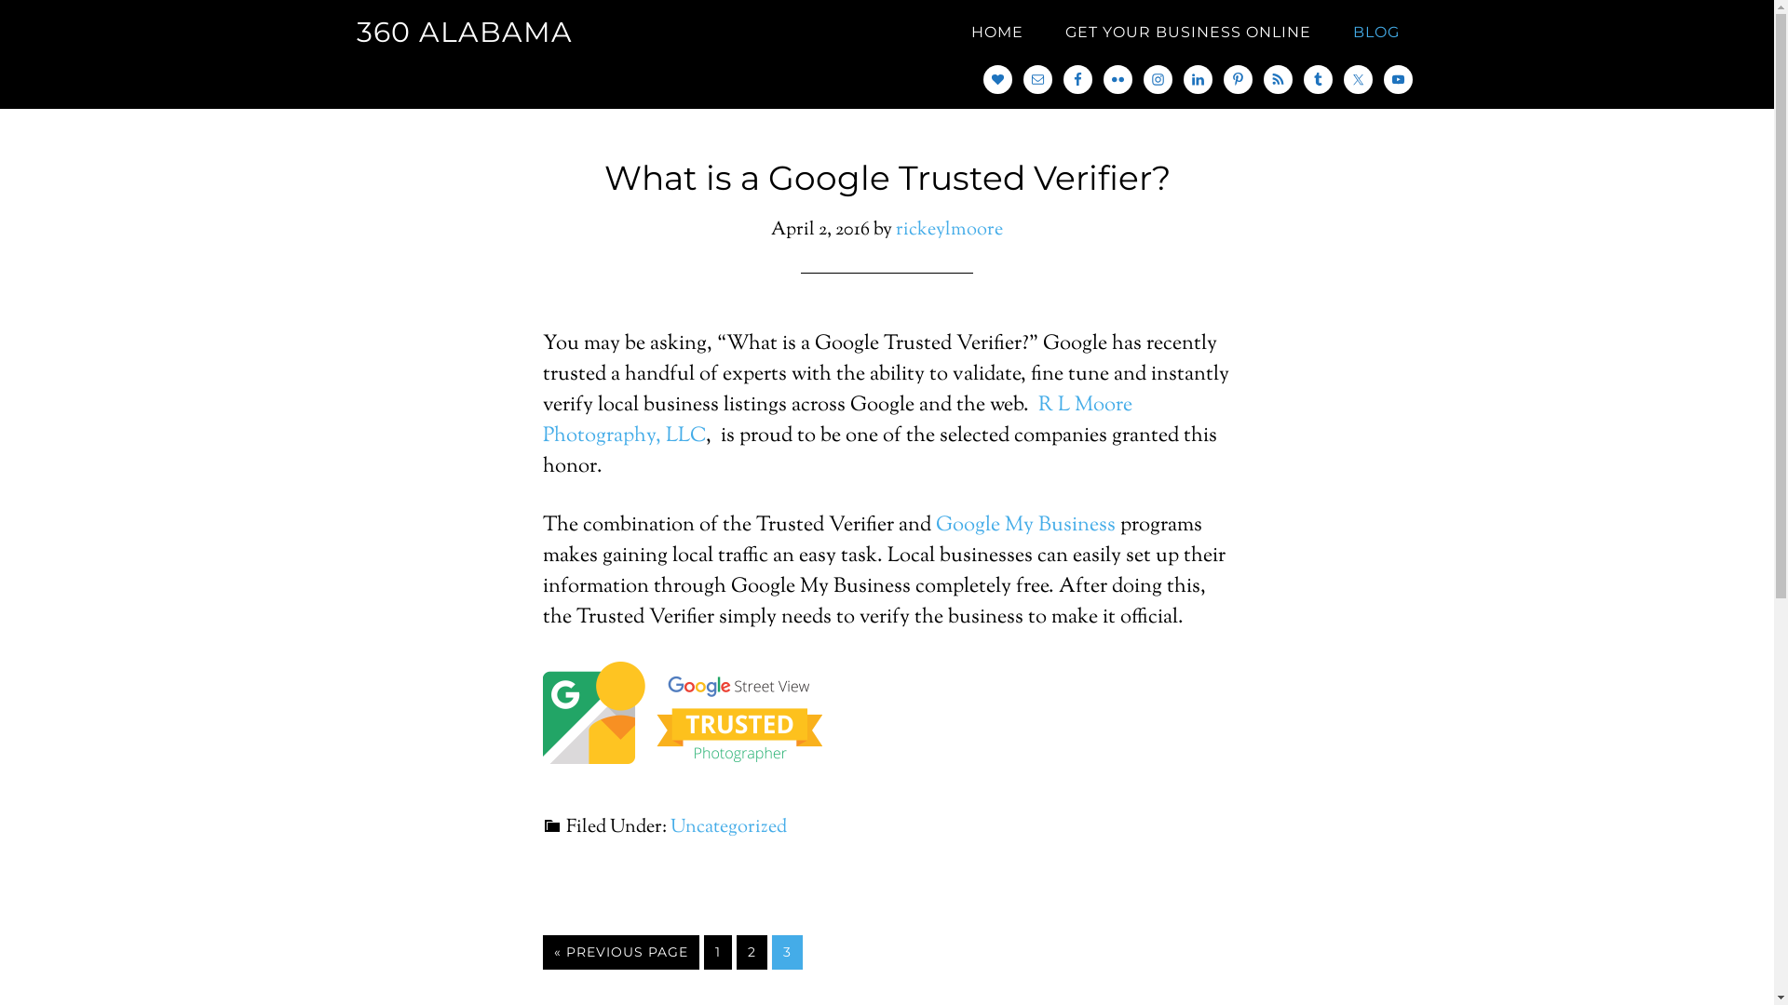 The image size is (1788, 1005). Describe the element at coordinates (949, 229) in the screenshot. I see `'rickeylmoore'` at that location.